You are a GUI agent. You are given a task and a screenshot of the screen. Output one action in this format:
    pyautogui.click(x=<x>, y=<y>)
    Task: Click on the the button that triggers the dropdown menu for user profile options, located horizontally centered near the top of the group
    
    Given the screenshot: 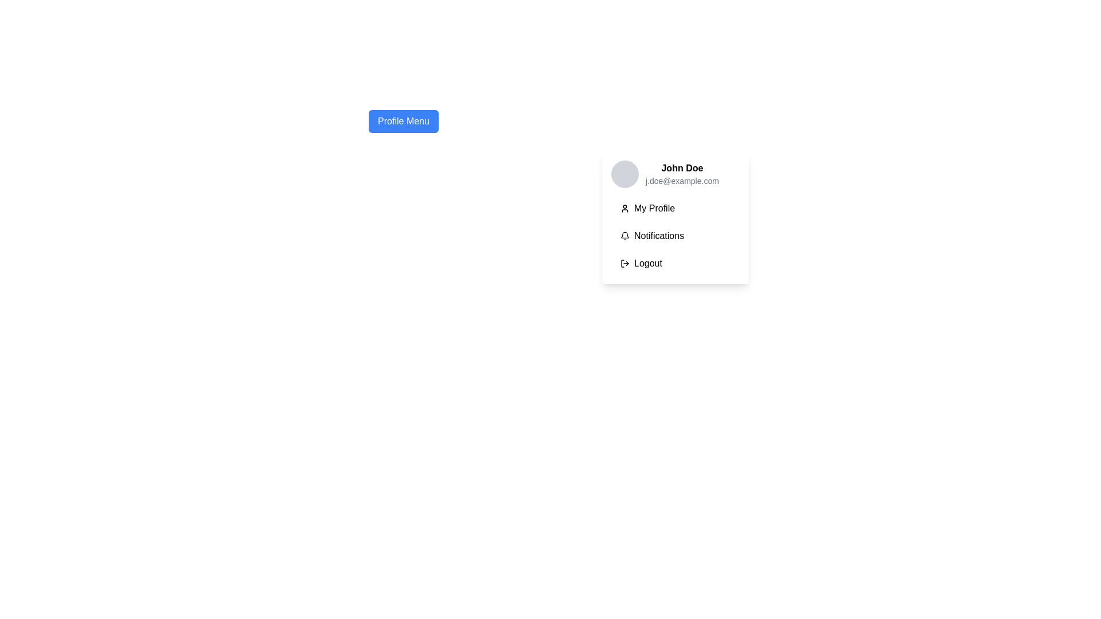 What is the action you would take?
    pyautogui.click(x=404, y=122)
    